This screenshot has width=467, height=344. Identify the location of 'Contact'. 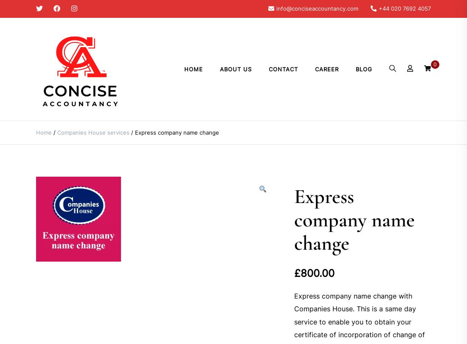
(283, 69).